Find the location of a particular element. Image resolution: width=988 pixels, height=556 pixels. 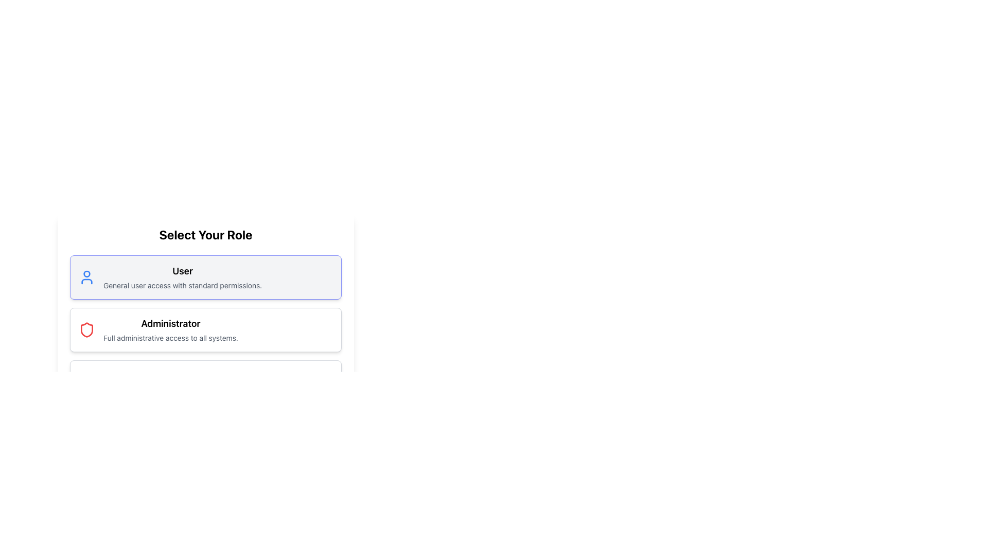

the List item displaying 'User' with the description 'General user access with standard permissions.' is located at coordinates (183, 277).